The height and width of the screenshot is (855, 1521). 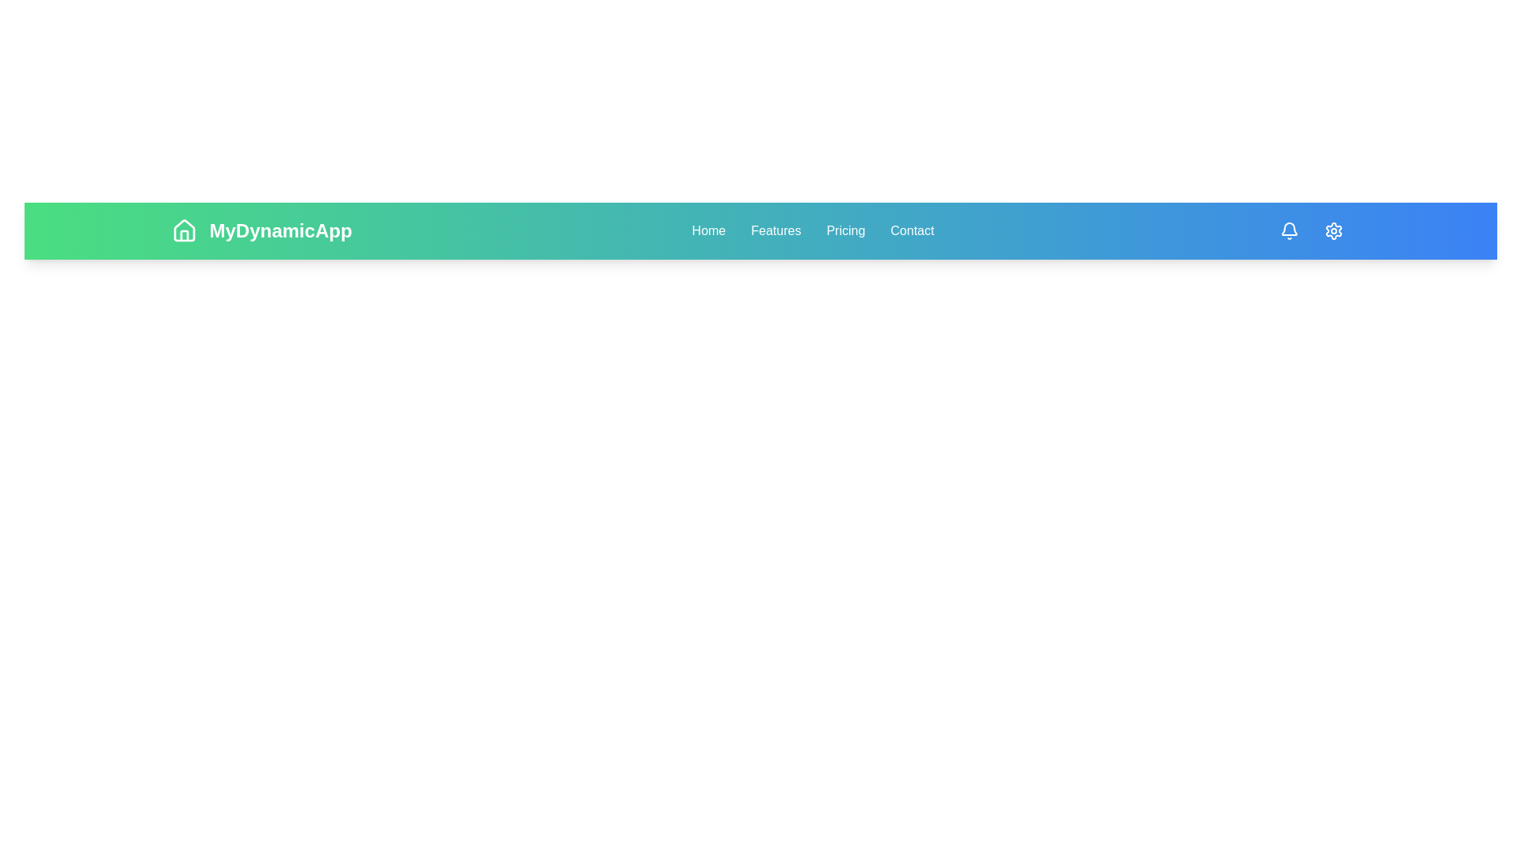 I want to click on the settings icon to open the settings menu, so click(x=1333, y=231).